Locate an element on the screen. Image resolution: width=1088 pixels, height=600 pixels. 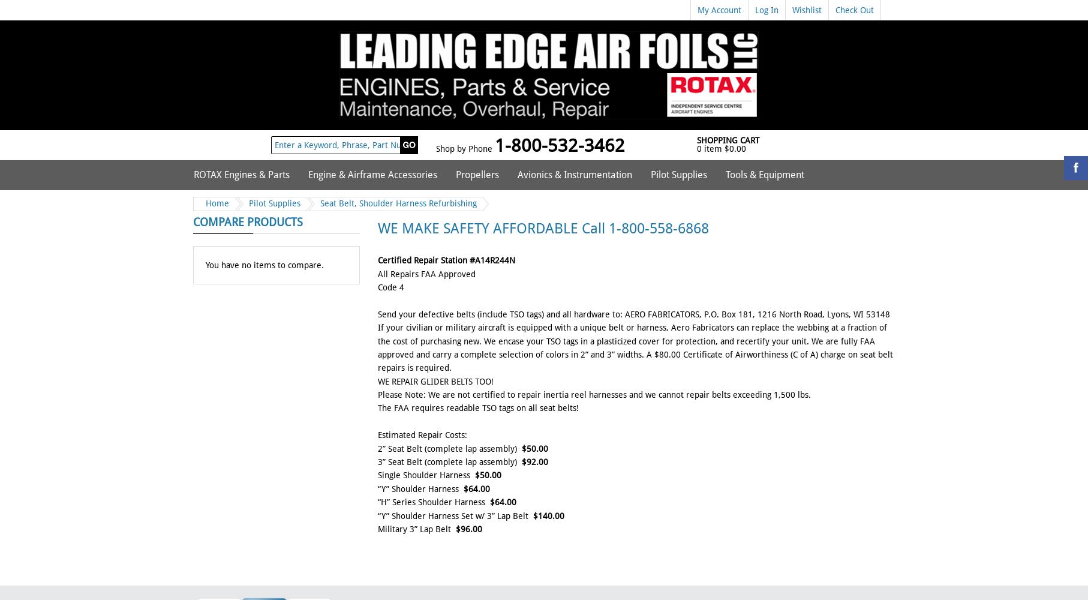
'ROTAX Engines & Parts' is located at coordinates (194, 175).